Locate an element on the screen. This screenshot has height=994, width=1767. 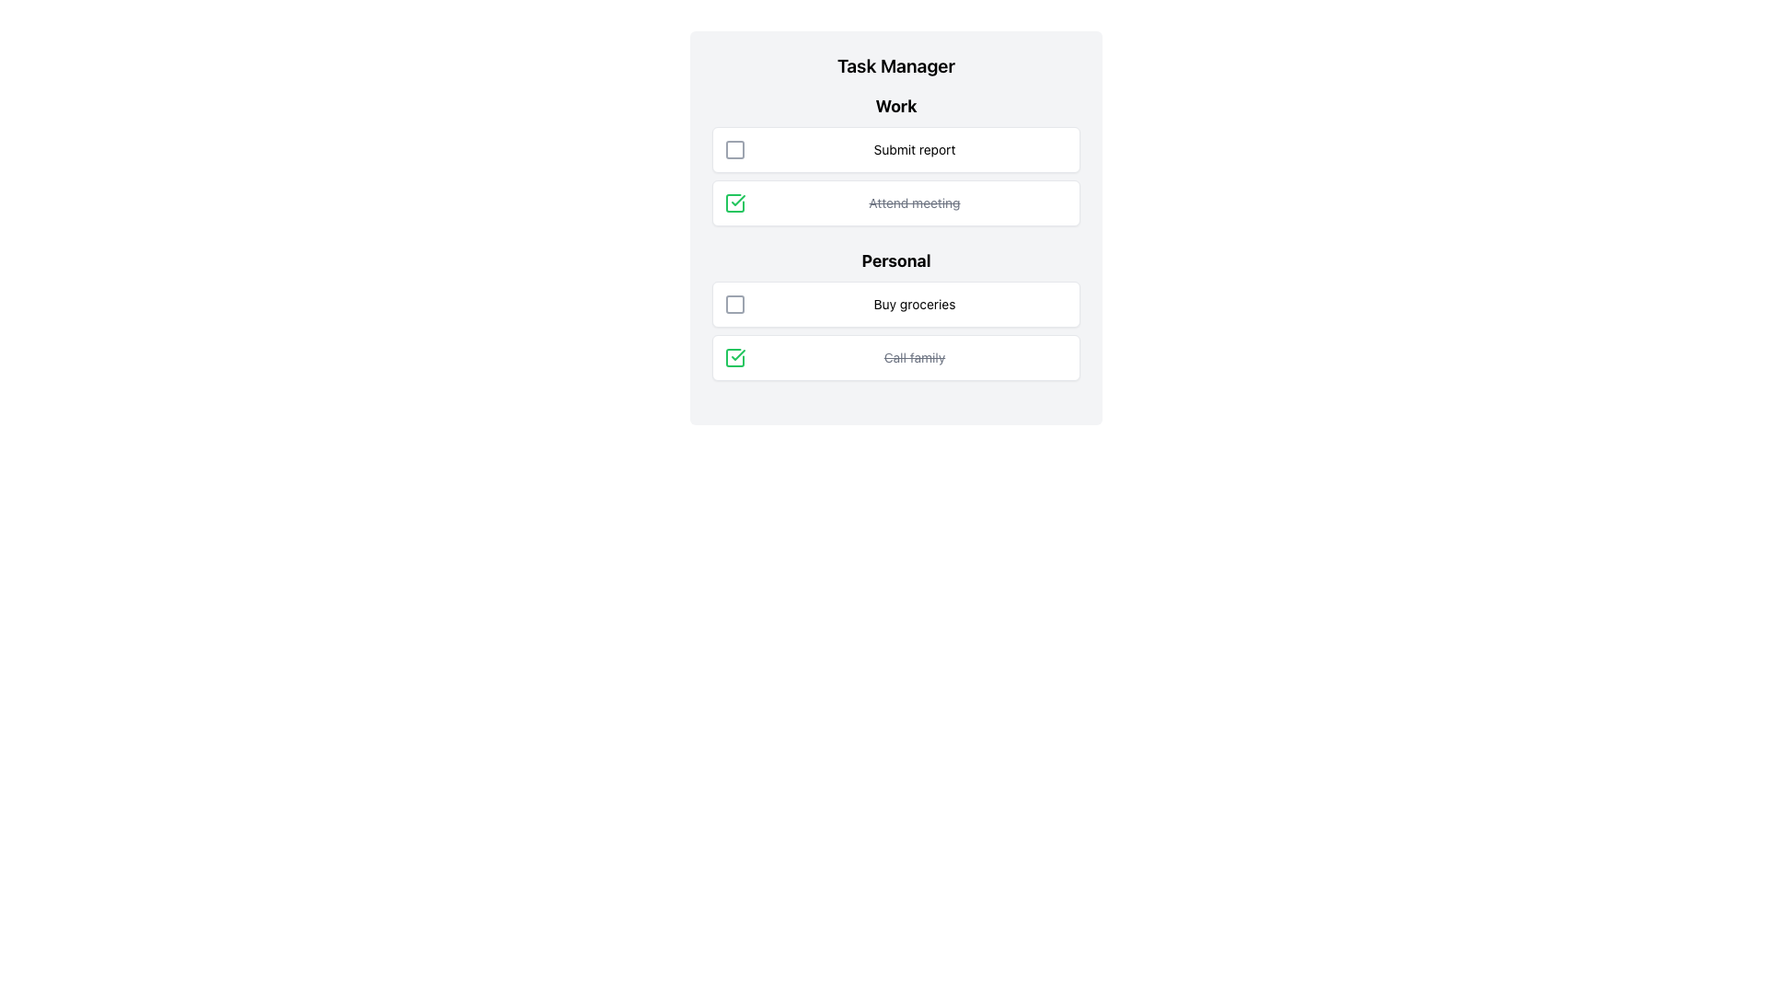
the completed task checkbox located to the left of the text 'Attend meeting' in the 'Work' section is located at coordinates (733, 202).